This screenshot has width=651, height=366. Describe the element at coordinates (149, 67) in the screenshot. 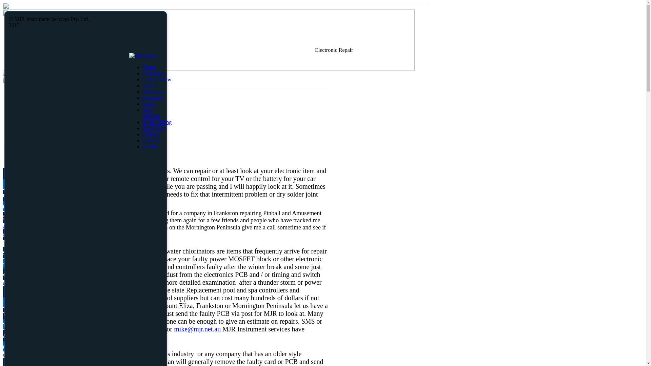

I see `'Home'` at that location.